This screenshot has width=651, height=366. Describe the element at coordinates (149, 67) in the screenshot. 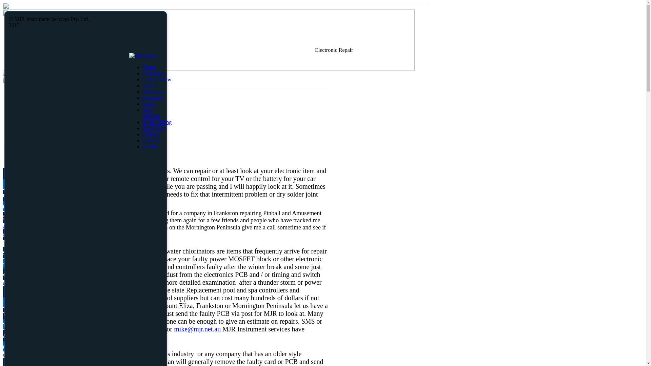

I see `'Home'` at that location.